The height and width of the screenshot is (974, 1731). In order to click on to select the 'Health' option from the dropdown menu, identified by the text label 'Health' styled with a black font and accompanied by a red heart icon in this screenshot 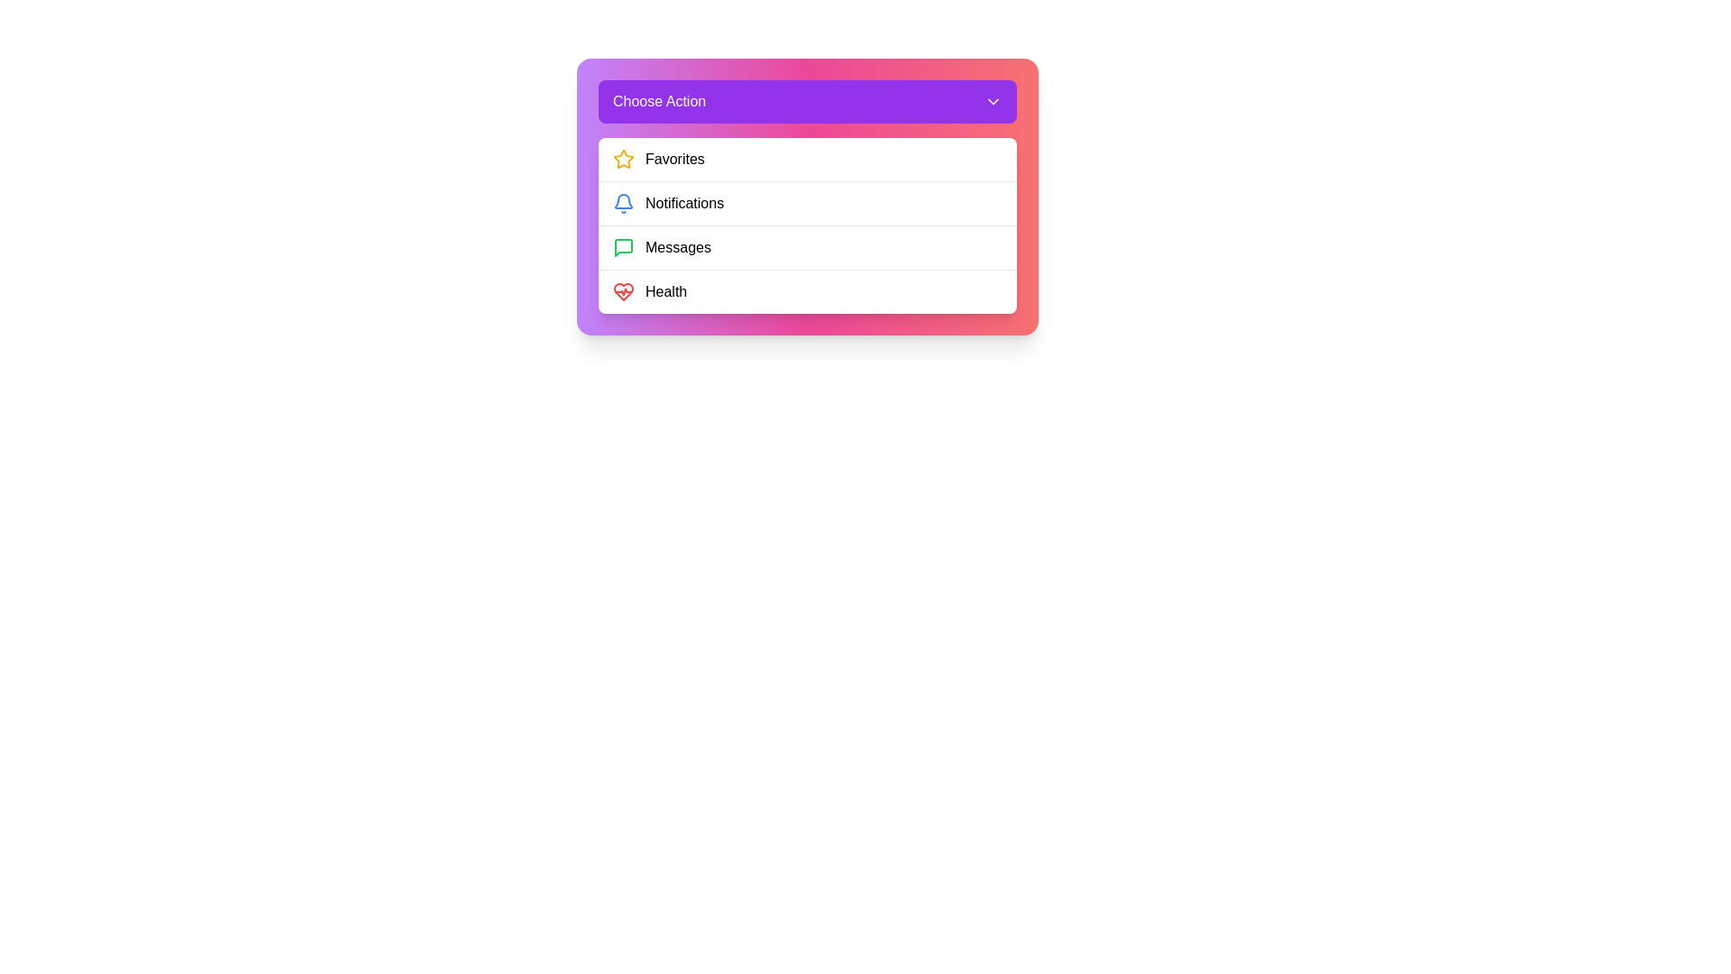, I will do `click(665, 291)`.